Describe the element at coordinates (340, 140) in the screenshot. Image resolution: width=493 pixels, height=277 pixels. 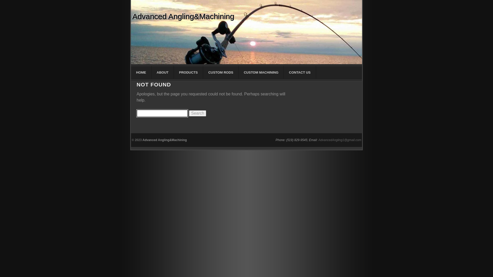
I see `'AdvancedAngling1@gmail.com'` at that location.